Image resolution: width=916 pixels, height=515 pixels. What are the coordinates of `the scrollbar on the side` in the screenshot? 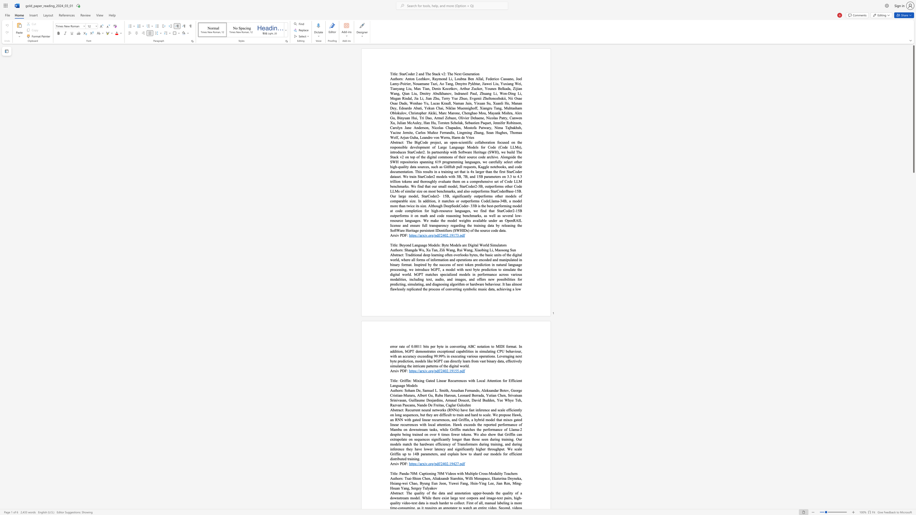 It's located at (913, 462).